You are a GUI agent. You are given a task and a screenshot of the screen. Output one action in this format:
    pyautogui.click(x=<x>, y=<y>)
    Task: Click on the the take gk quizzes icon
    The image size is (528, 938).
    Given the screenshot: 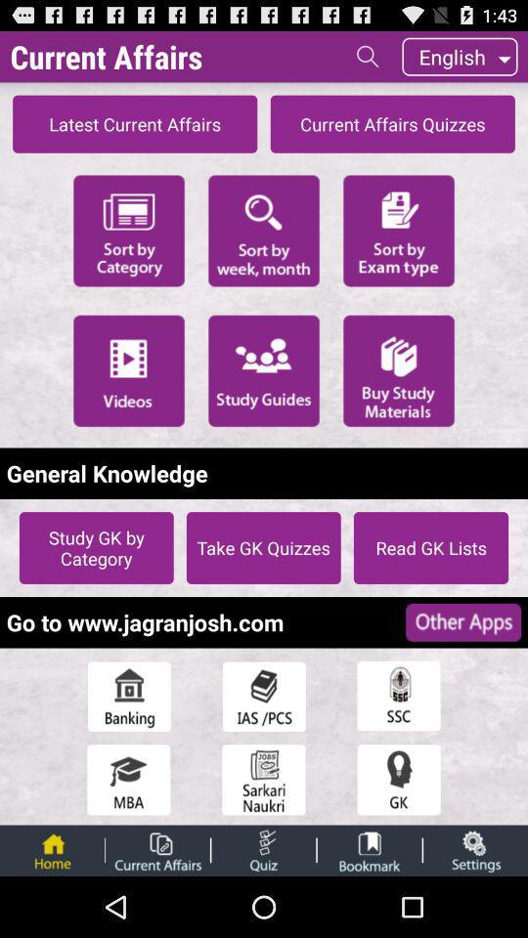 What is the action you would take?
    pyautogui.click(x=263, y=547)
    